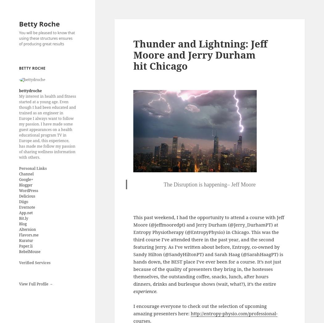  What do you see at coordinates (27, 229) in the screenshot?
I see `'Alternion'` at bounding box center [27, 229].